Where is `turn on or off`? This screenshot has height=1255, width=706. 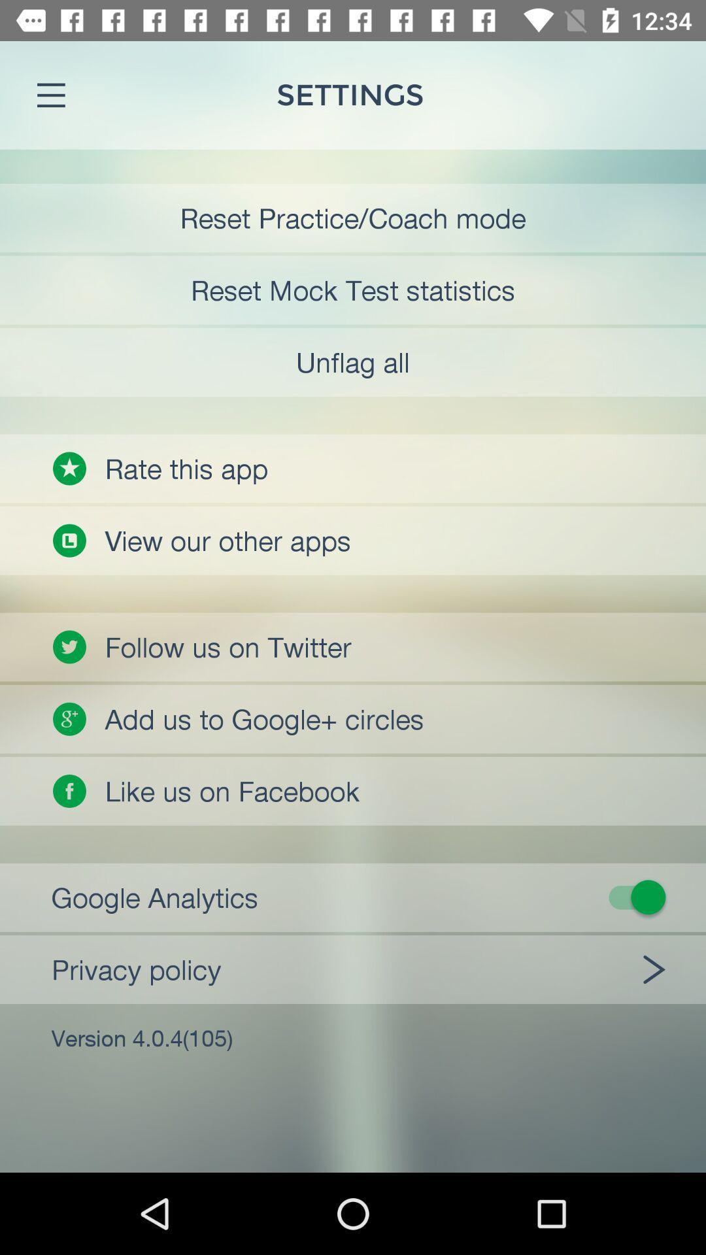
turn on or off is located at coordinates (361, 896).